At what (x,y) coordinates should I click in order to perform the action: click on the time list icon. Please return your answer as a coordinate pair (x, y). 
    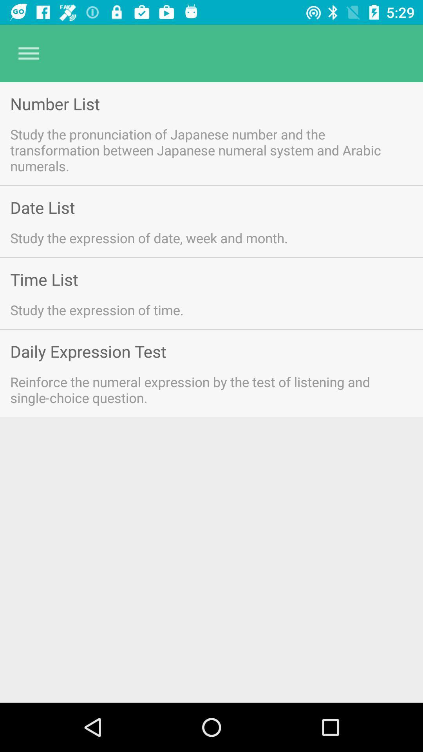
    Looking at the image, I should click on (44, 279).